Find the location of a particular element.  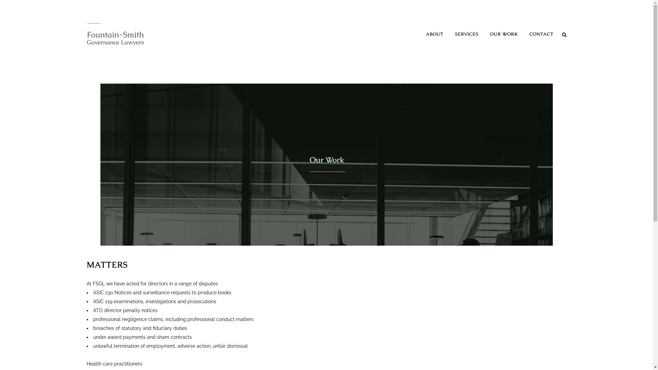

'SERVICES' is located at coordinates (466, 34).